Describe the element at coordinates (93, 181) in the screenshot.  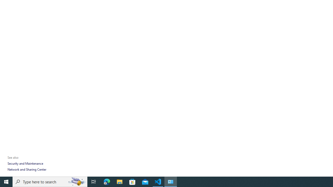
I see `'Task View'` at that location.